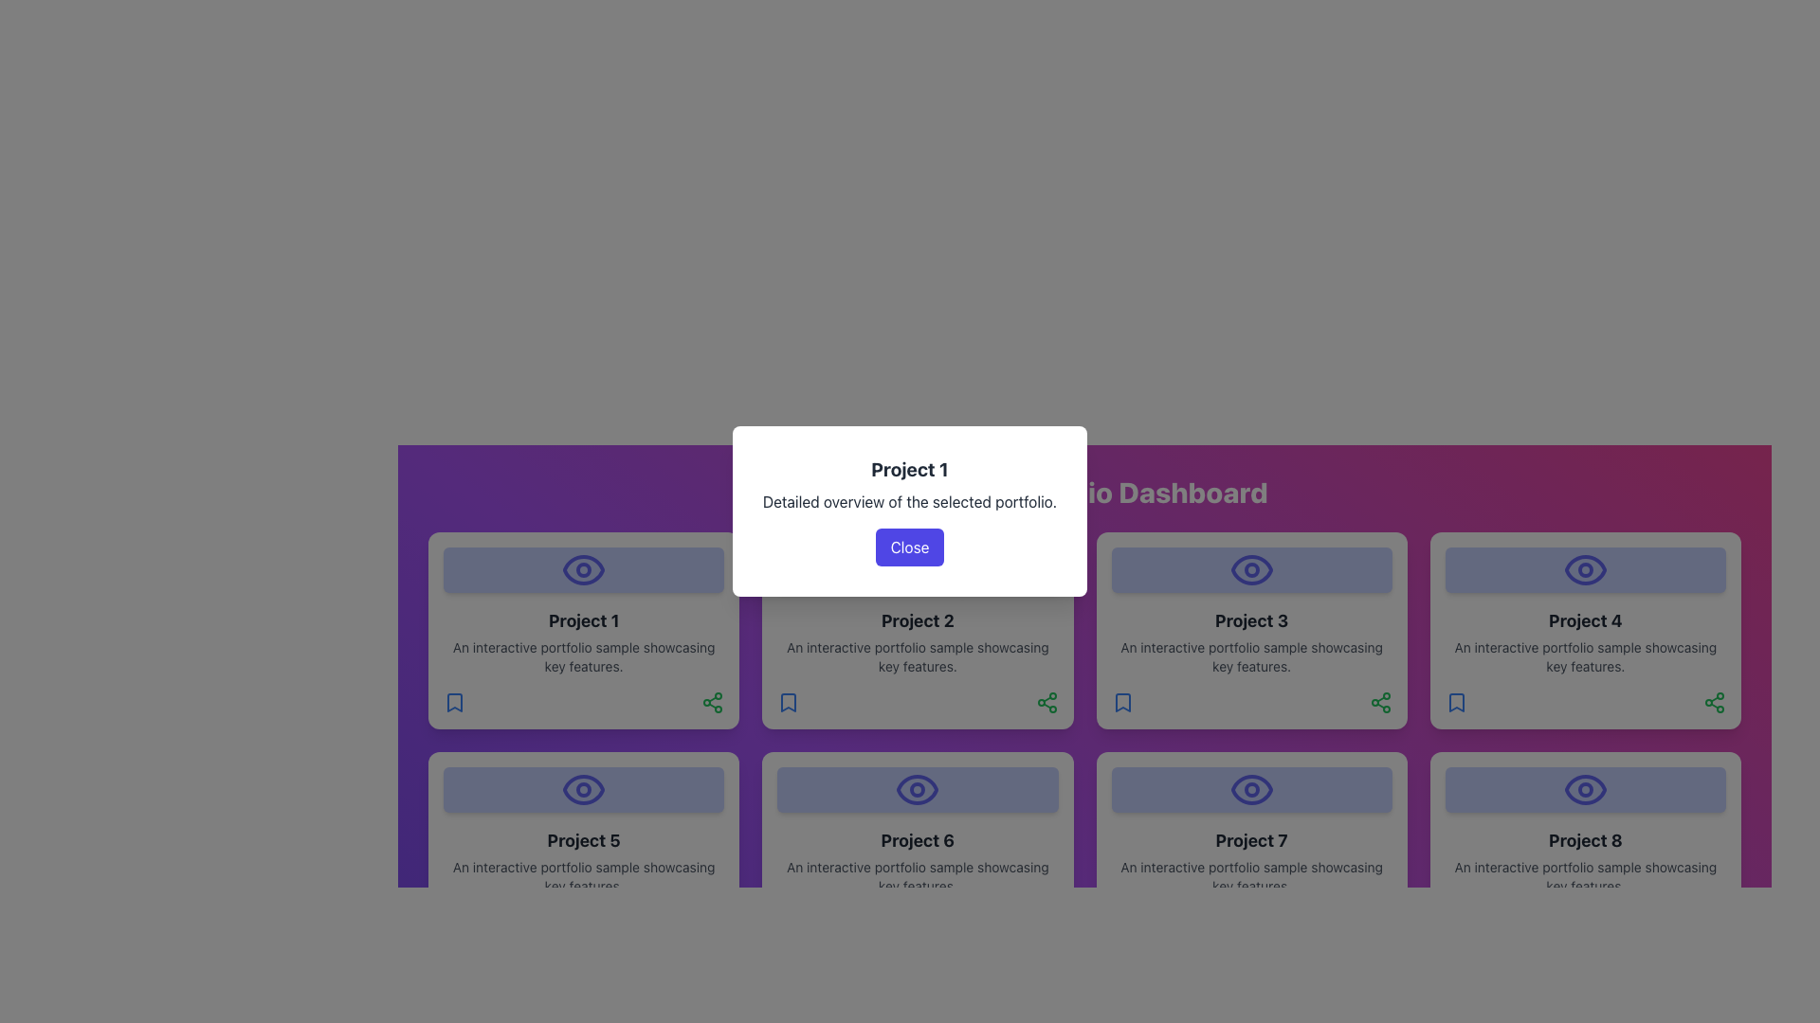 This screenshot has height=1023, width=1820. I want to click on the descriptive text located below the title 'Project 3' within the rectangular card, which is the second textual element beneath the visual icon, so click(1251, 656).